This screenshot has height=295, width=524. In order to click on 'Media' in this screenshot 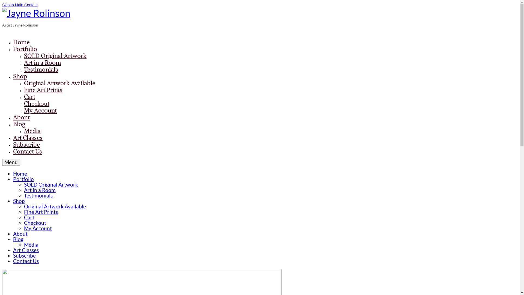, I will do `click(32, 131)`.